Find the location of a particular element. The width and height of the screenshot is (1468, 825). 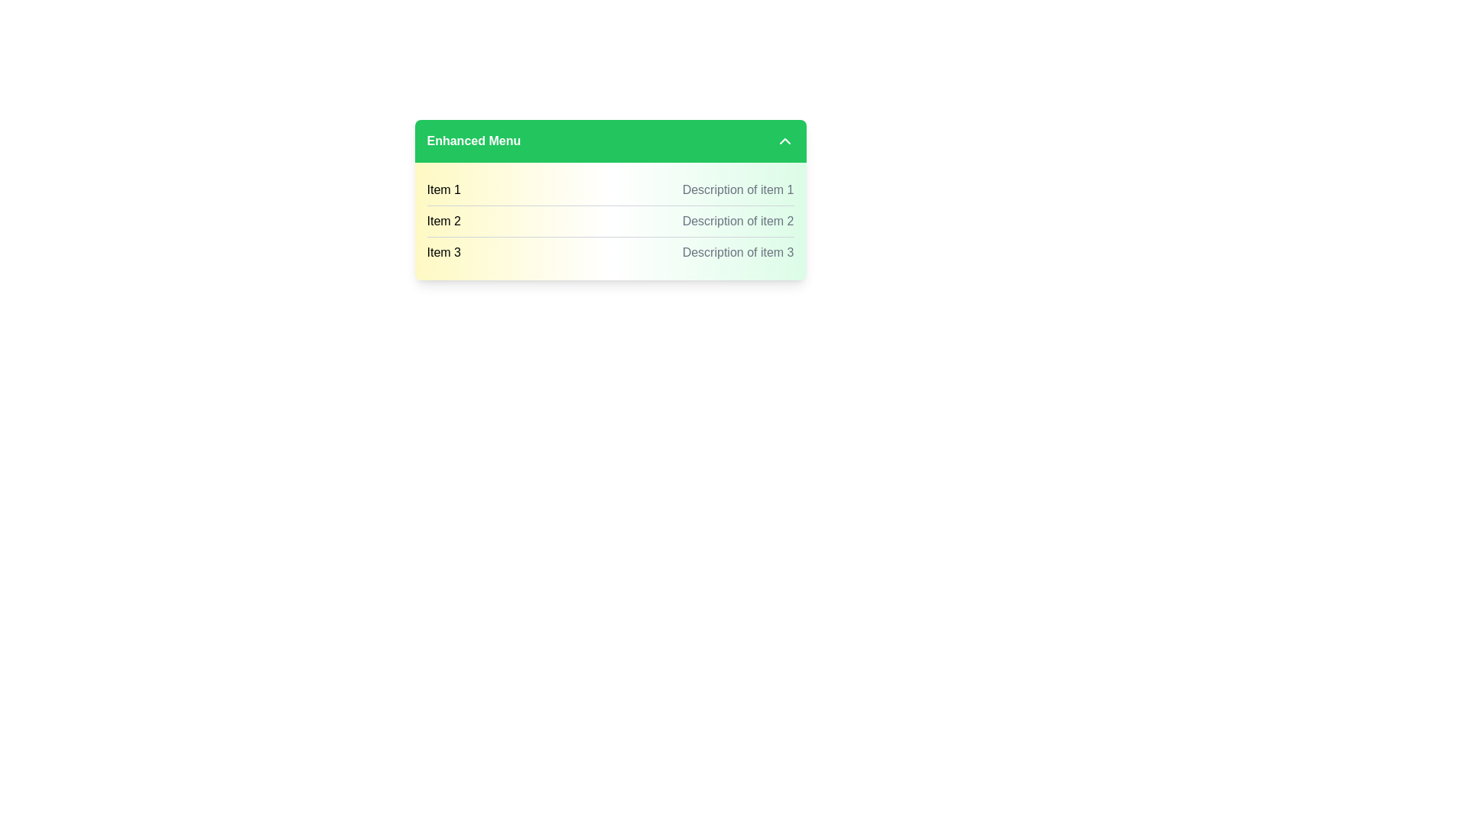

the text element that provides additional contextual information about the associated item in the list, located immediately to the right of the 'Item 1' label within the first row of a list is located at coordinates (738, 189).